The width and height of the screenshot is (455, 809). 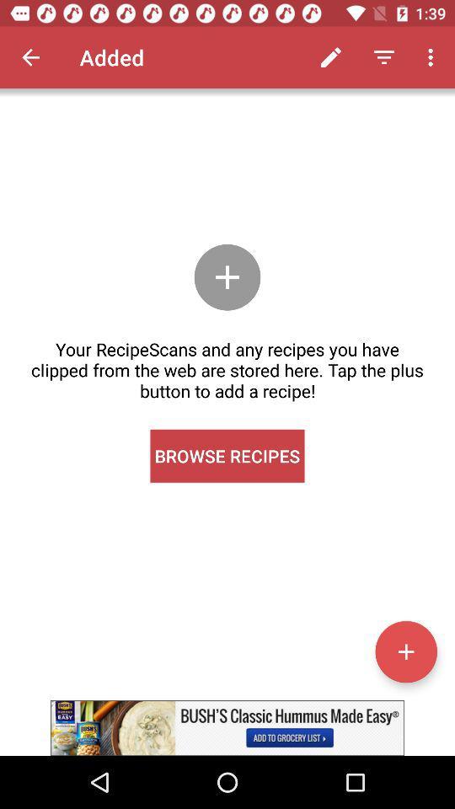 I want to click on back to previous menu, so click(x=30, y=57).